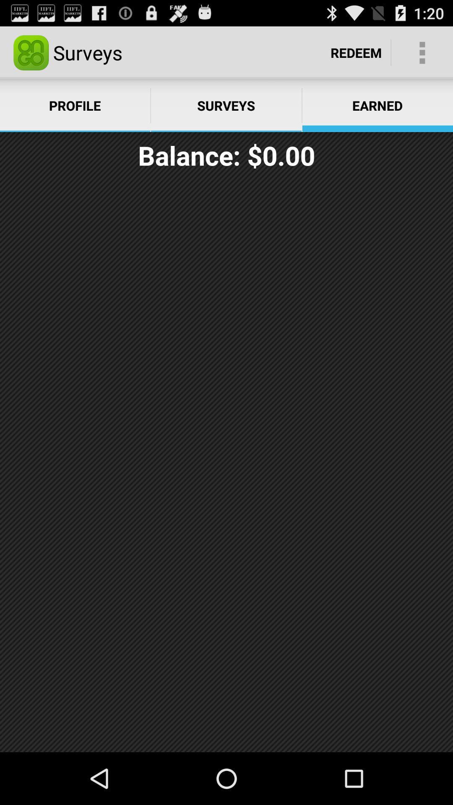  What do you see at coordinates (356, 52) in the screenshot?
I see `app to the right of surveys icon` at bounding box center [356, 52].